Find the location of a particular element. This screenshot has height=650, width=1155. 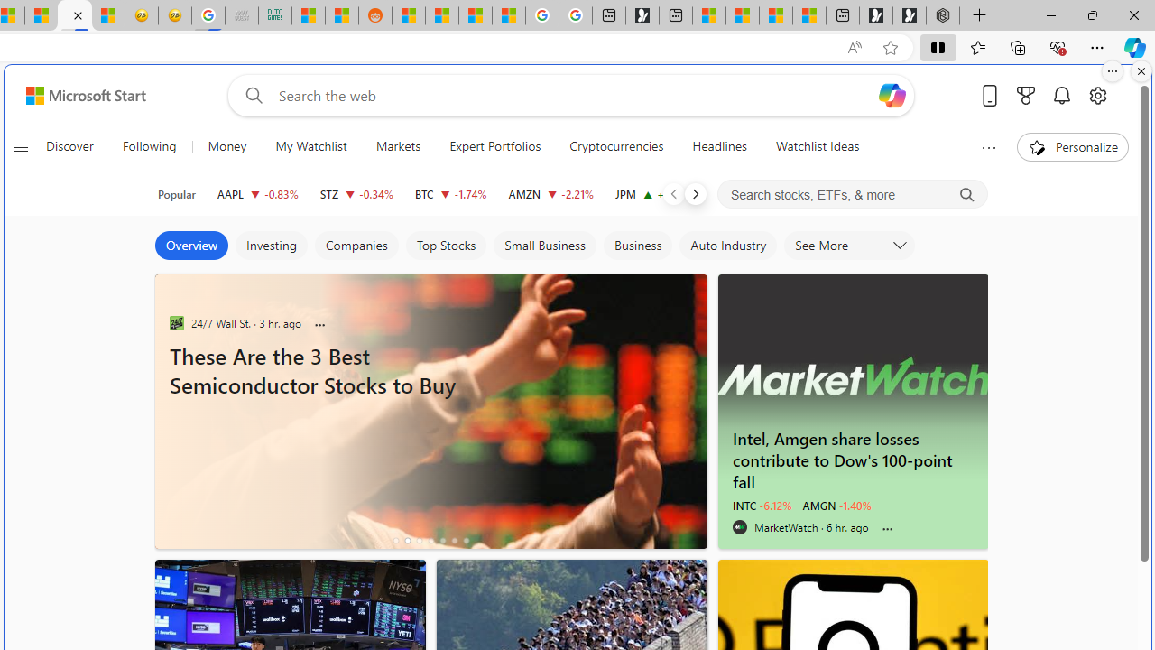

'Auto Industry' is located at coordinates (728, 246).